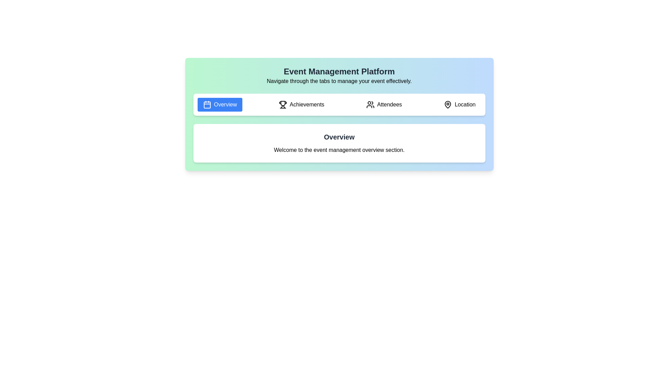 The width and height of the screenshot is (661, 372). I want to click on the 'Achievements' tab icon located in the center of the horizontal navigation bar, positioned between the 'Overview' and 'Attendees' tabs, so click(283, 103).